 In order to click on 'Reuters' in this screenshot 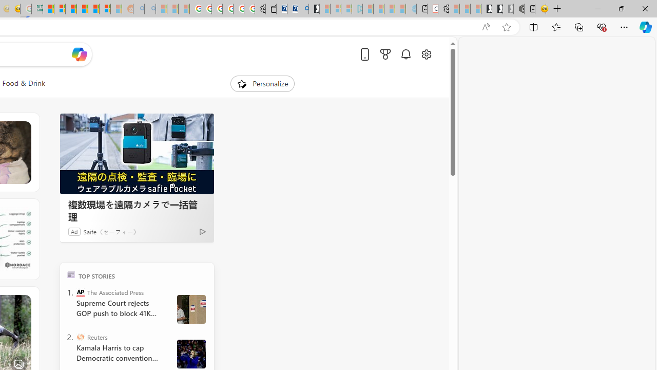, I will do `click(80, 337)`.